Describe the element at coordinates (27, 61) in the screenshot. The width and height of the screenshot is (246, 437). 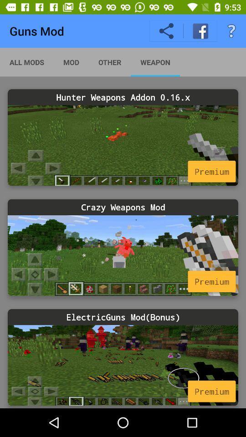
I see `the all mods` at that location.